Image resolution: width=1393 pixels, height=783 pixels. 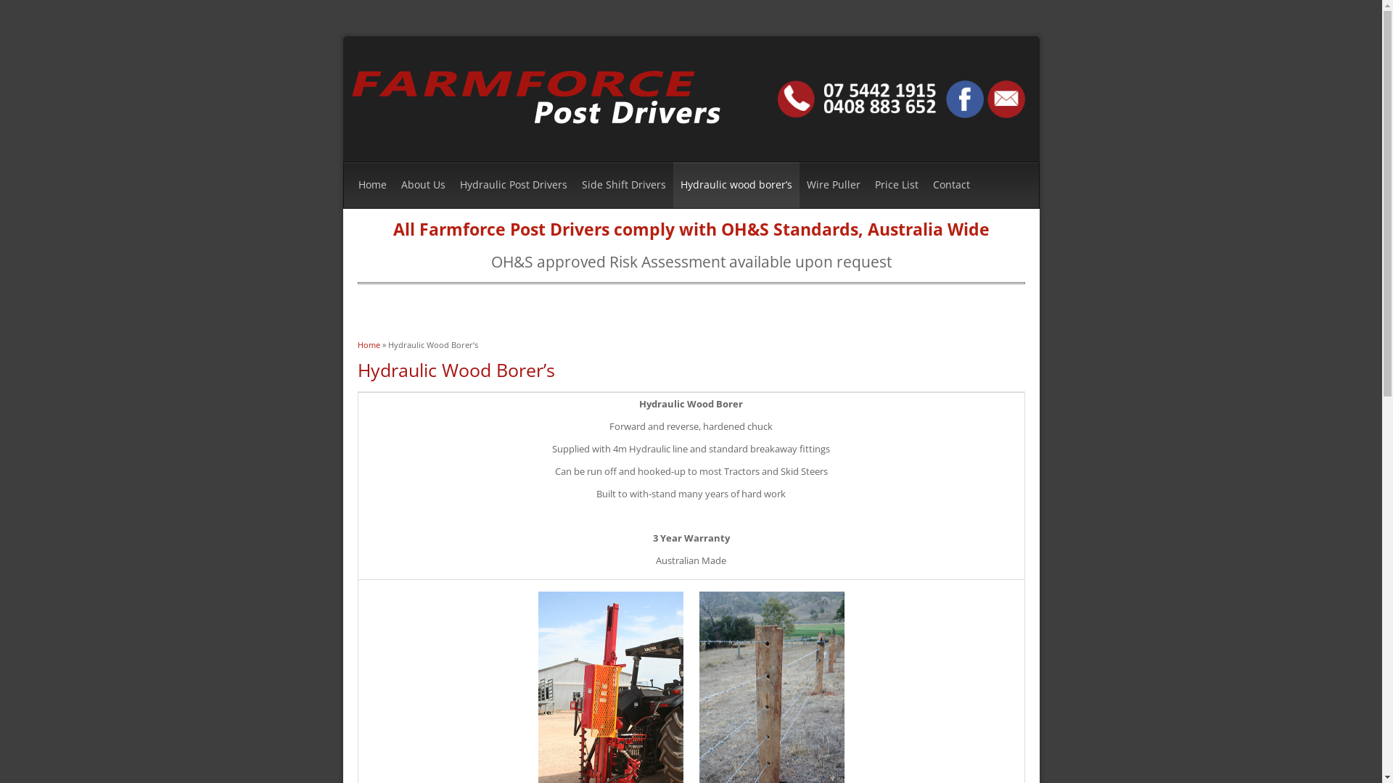 I want to click on 'Hydraulic Post Drivers', so click(x=514, y=184).